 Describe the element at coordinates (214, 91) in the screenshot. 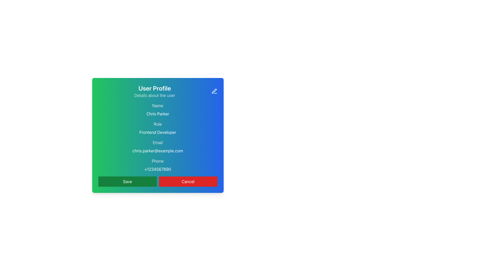

I see `the pen icon located in the top-right corner of the 'User Profile' panel` at that location.